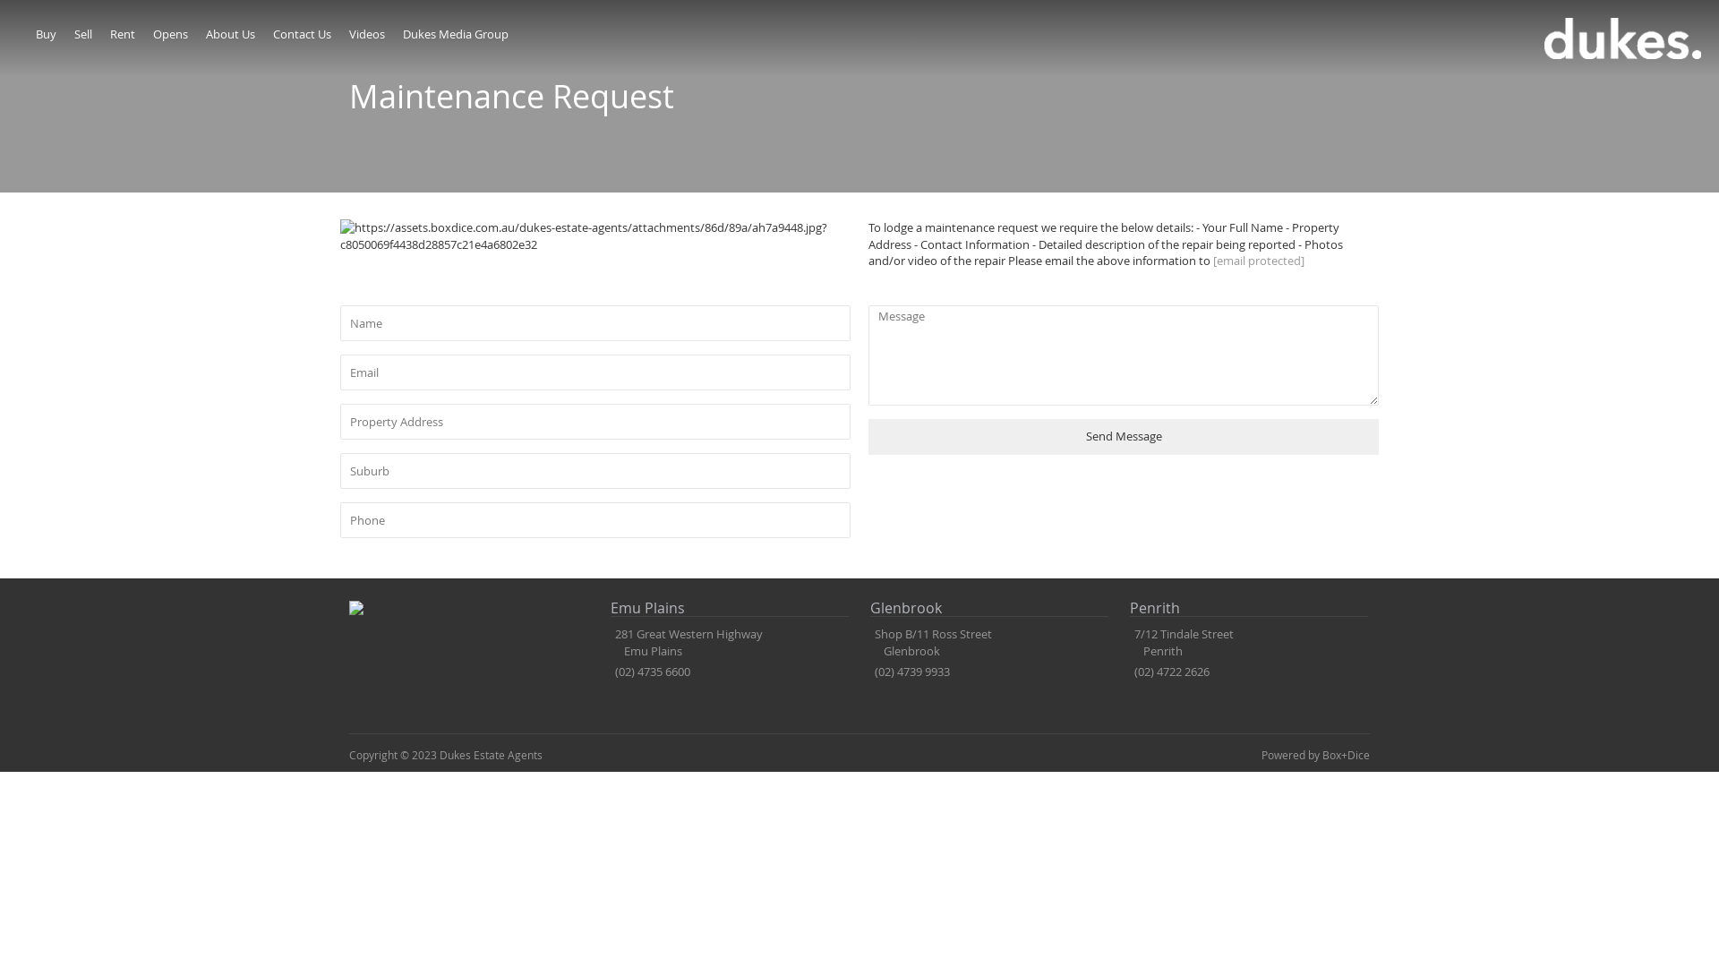 This screenshot has width=1719, height=967. What do you see at coordinates (869, 608) in the screenshot?
I see `'Glenbrook'` at bounding box center [869, 608].